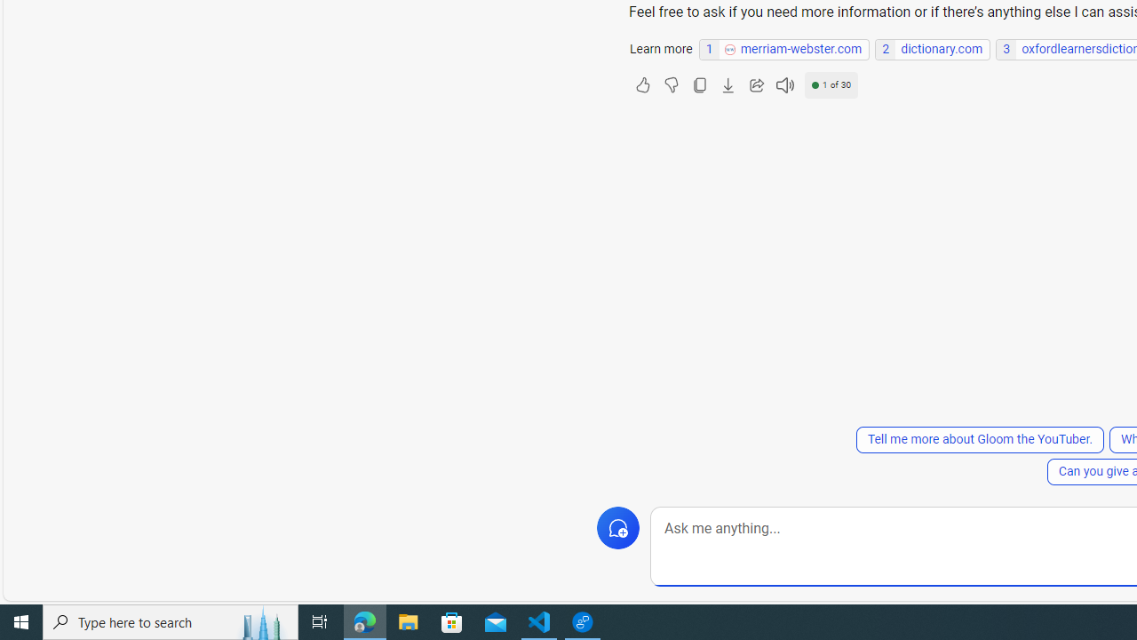 The width and height of the screenshot is (1137, 640). Describe the element at coordinates (670, 85) in the screenshot. I see `'Dislike'` at that location.